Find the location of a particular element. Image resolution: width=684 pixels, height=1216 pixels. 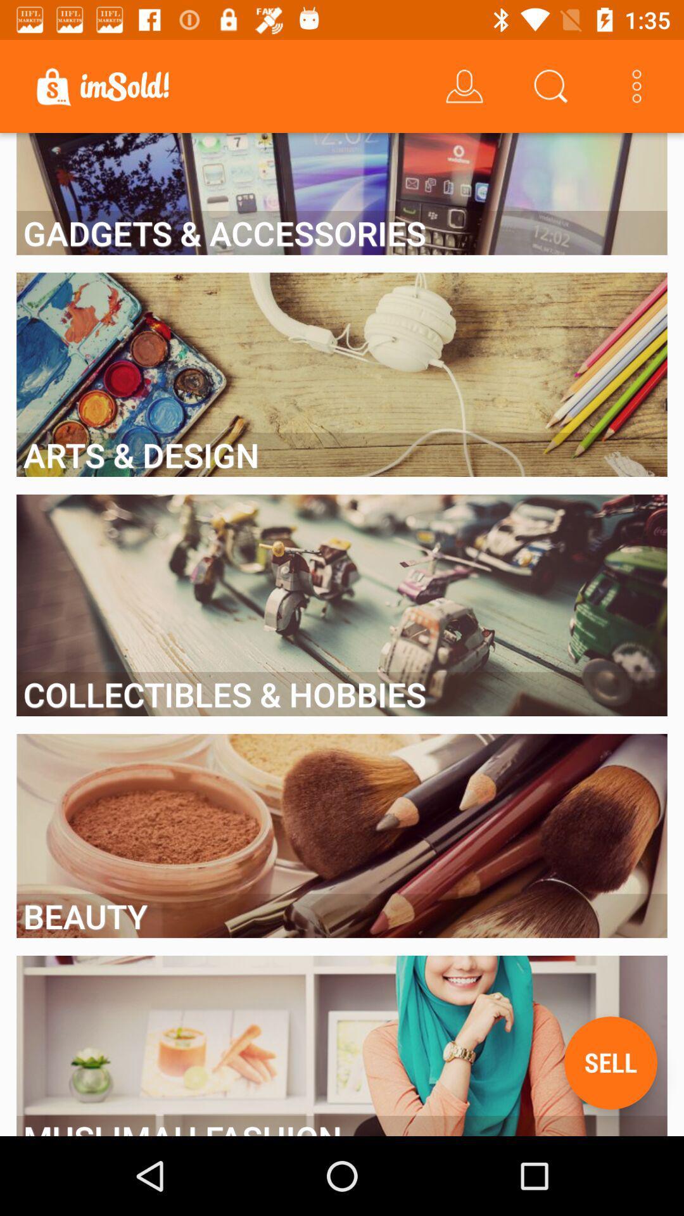

gadgets & accessories is located at coordinates (342, 232).